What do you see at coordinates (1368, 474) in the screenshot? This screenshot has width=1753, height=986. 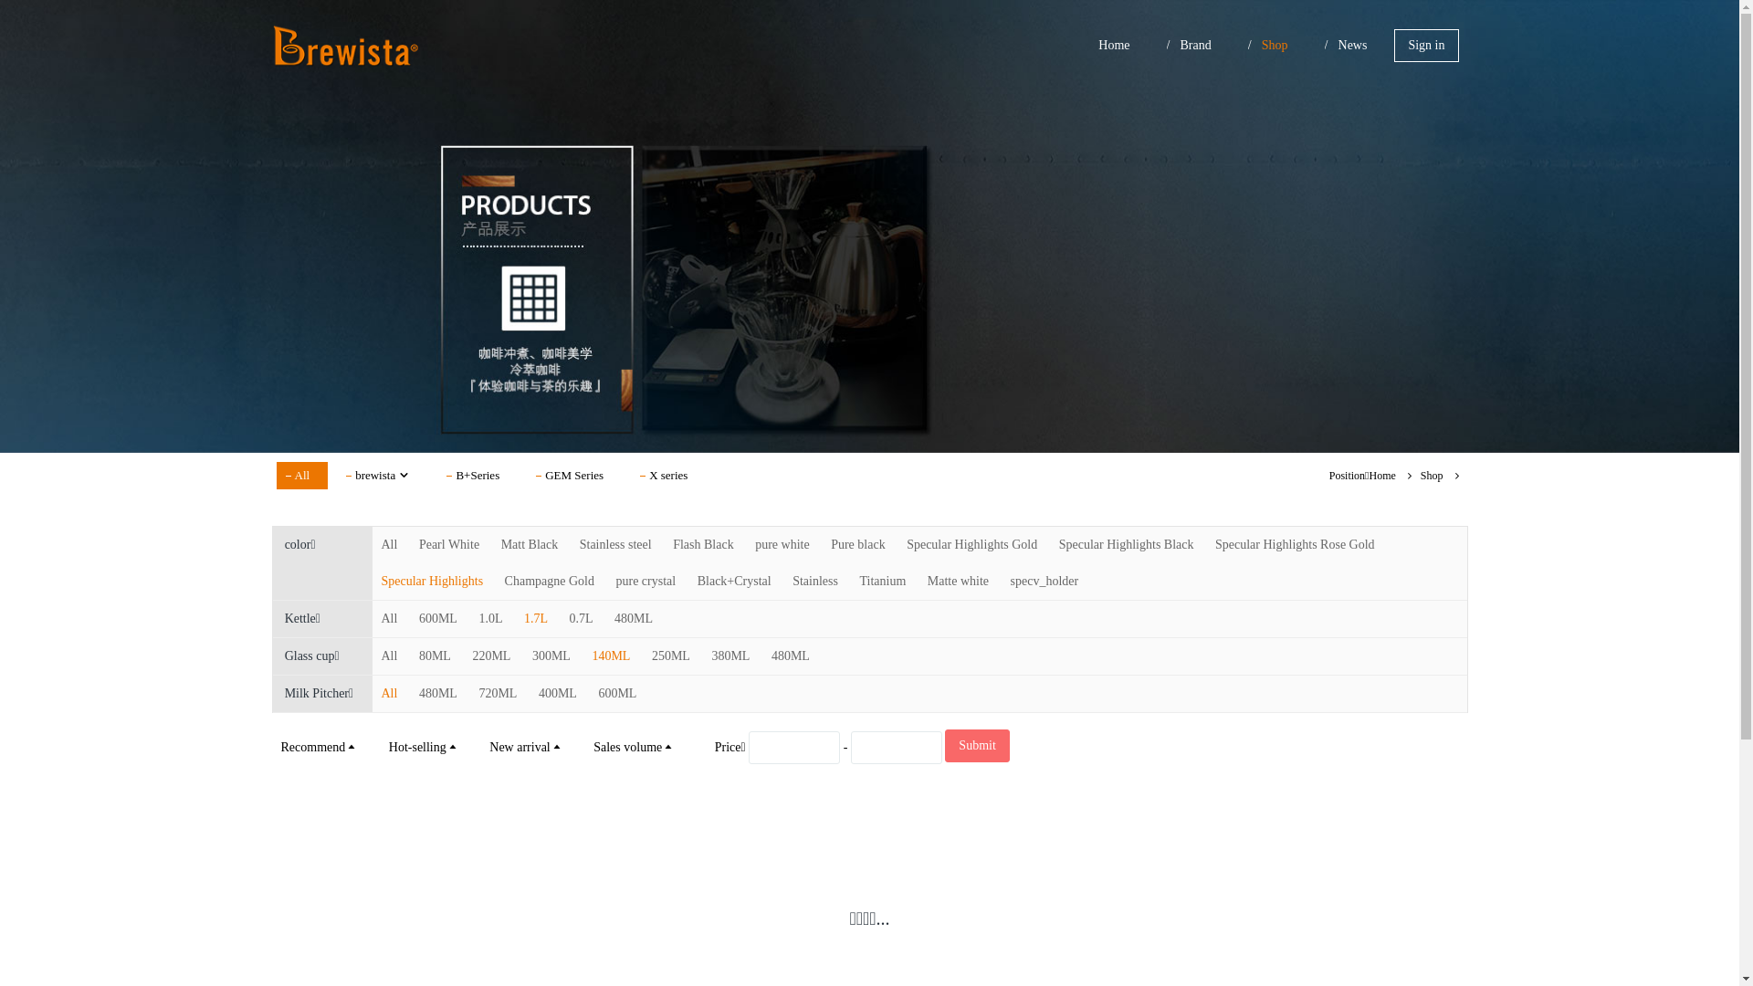 I see `'Home'` at bounding box center [1368, 474].